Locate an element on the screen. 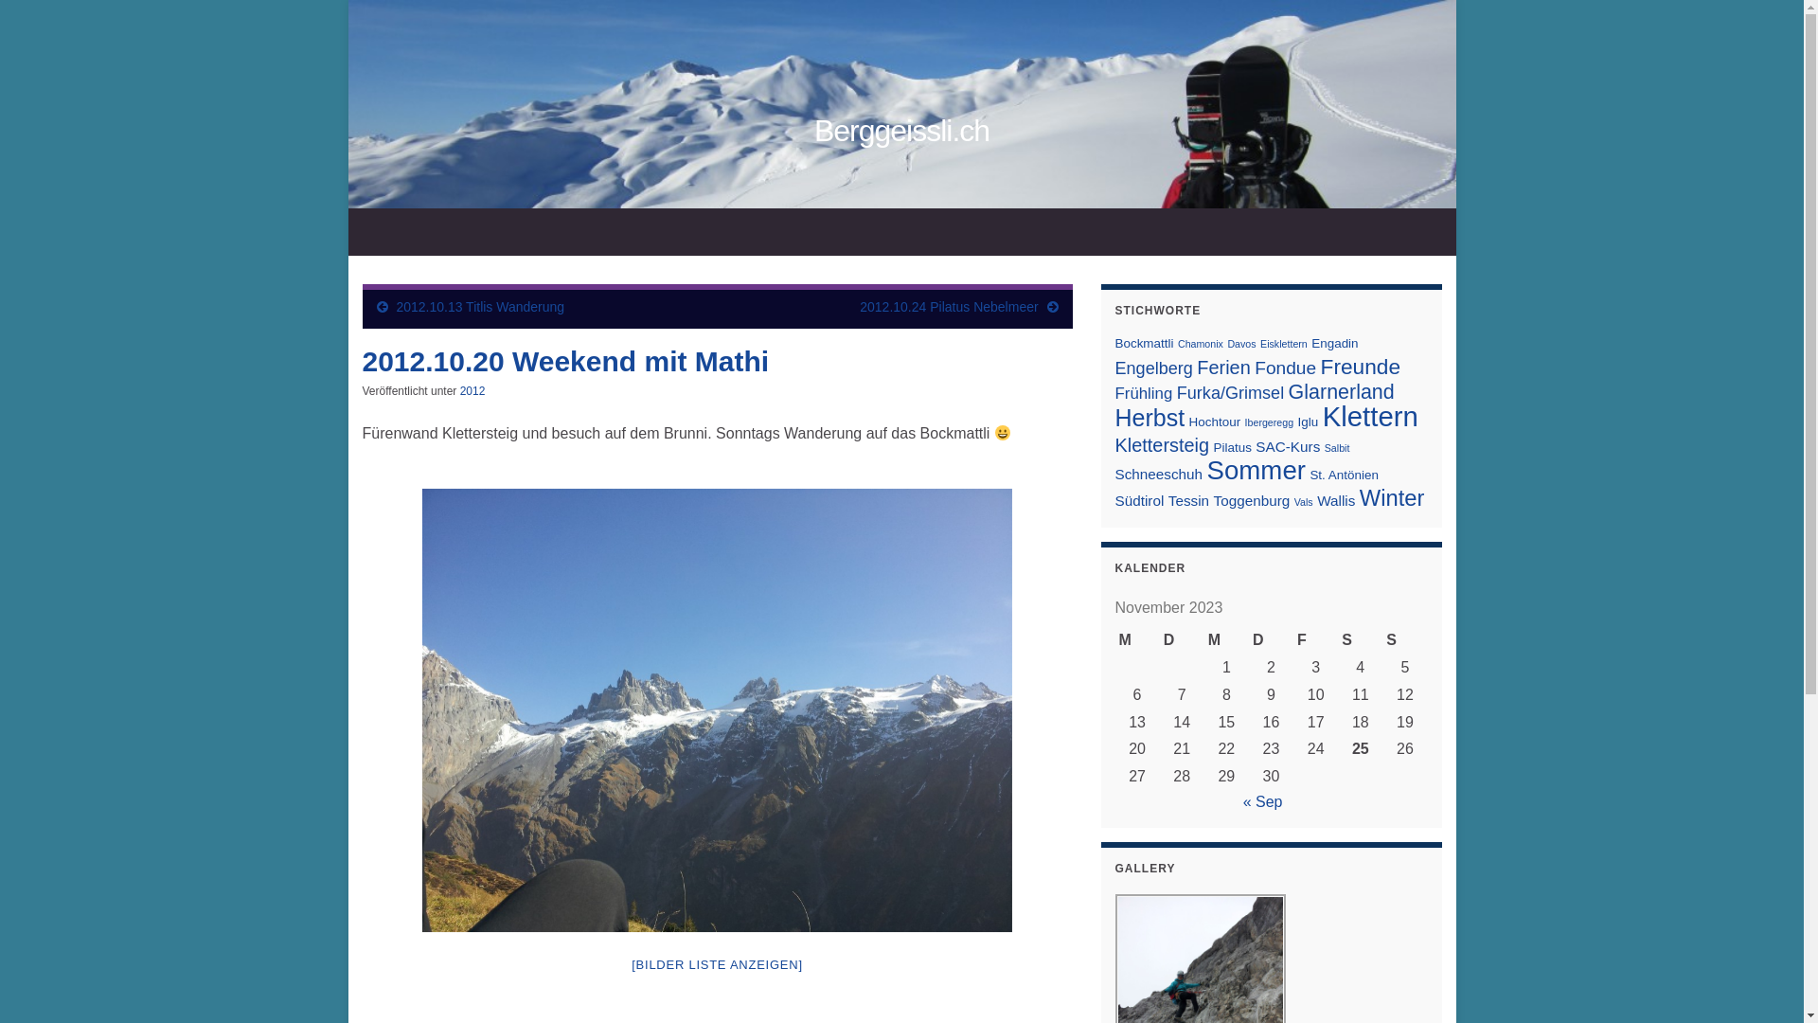 Image resolution: width=1818 pixels, height=1023 pixels. 'Freunde' is located at coordinates (1360, 366).